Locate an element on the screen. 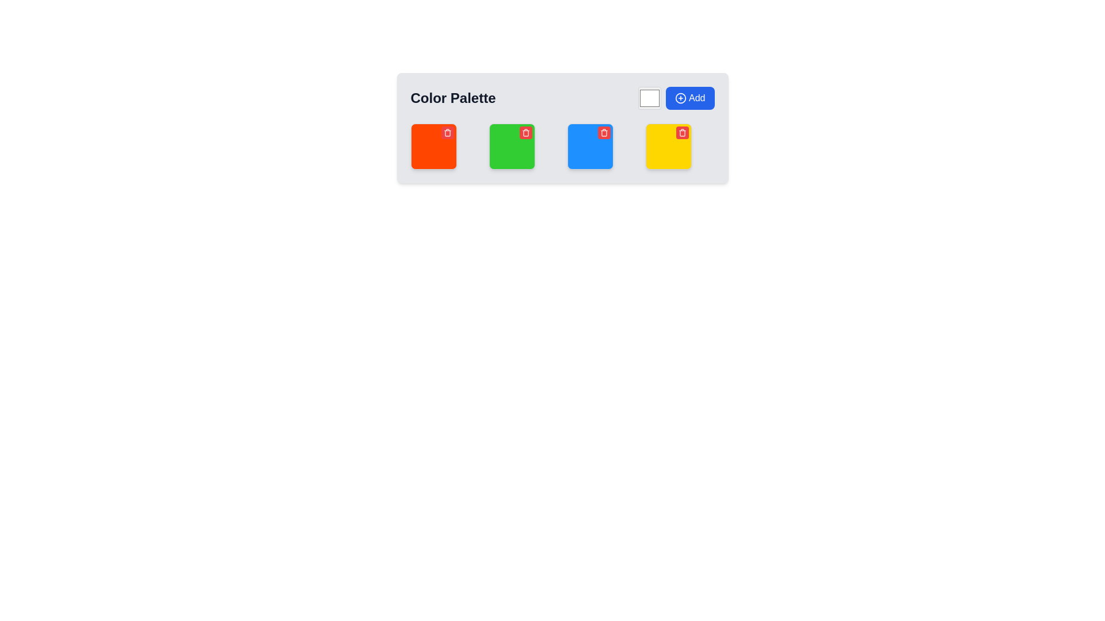  the text label reading 'Add' which is styled in white font on a blue background, located at the right-hand side of a button-like structure with rounded corners is located at coordinates (696, 97).